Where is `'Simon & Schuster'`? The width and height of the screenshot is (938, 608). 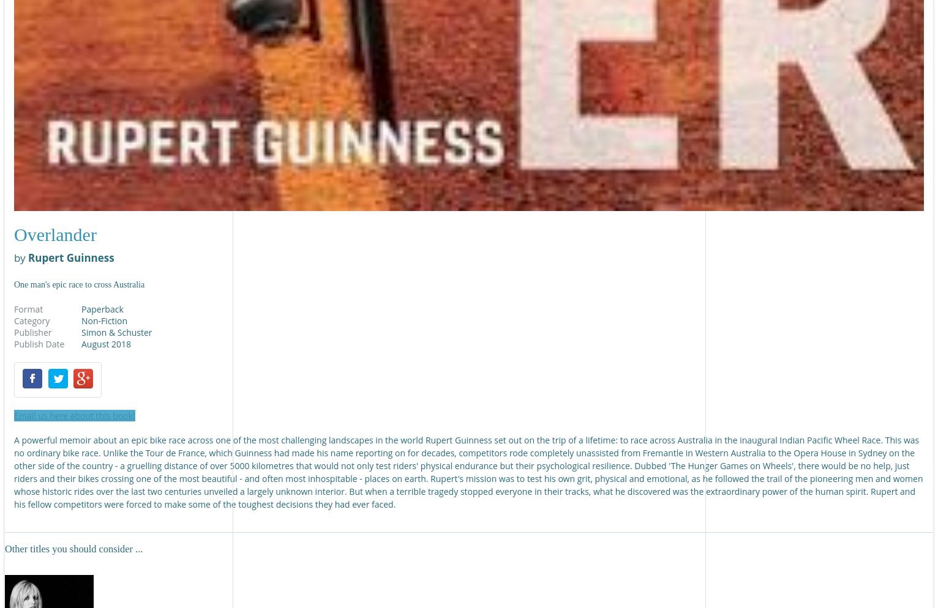 'Simon & Schuster' is located at coordinates (116, 331).